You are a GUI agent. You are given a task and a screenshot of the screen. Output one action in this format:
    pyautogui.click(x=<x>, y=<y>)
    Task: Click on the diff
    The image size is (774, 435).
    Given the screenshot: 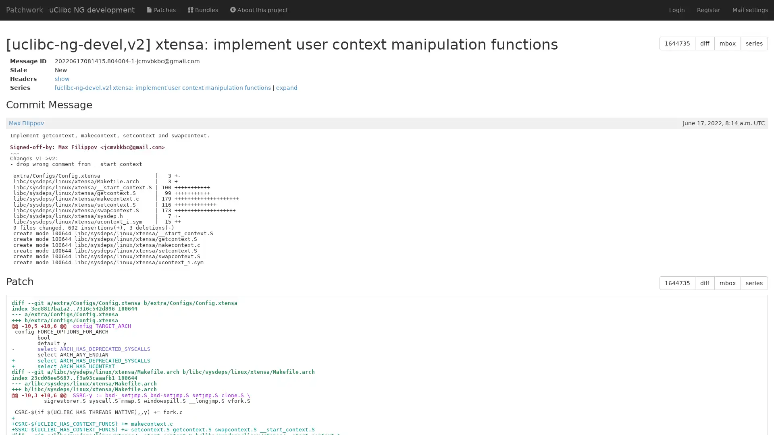 What is the action you would take?
    pyautogui.click(x=704, y=43)
    